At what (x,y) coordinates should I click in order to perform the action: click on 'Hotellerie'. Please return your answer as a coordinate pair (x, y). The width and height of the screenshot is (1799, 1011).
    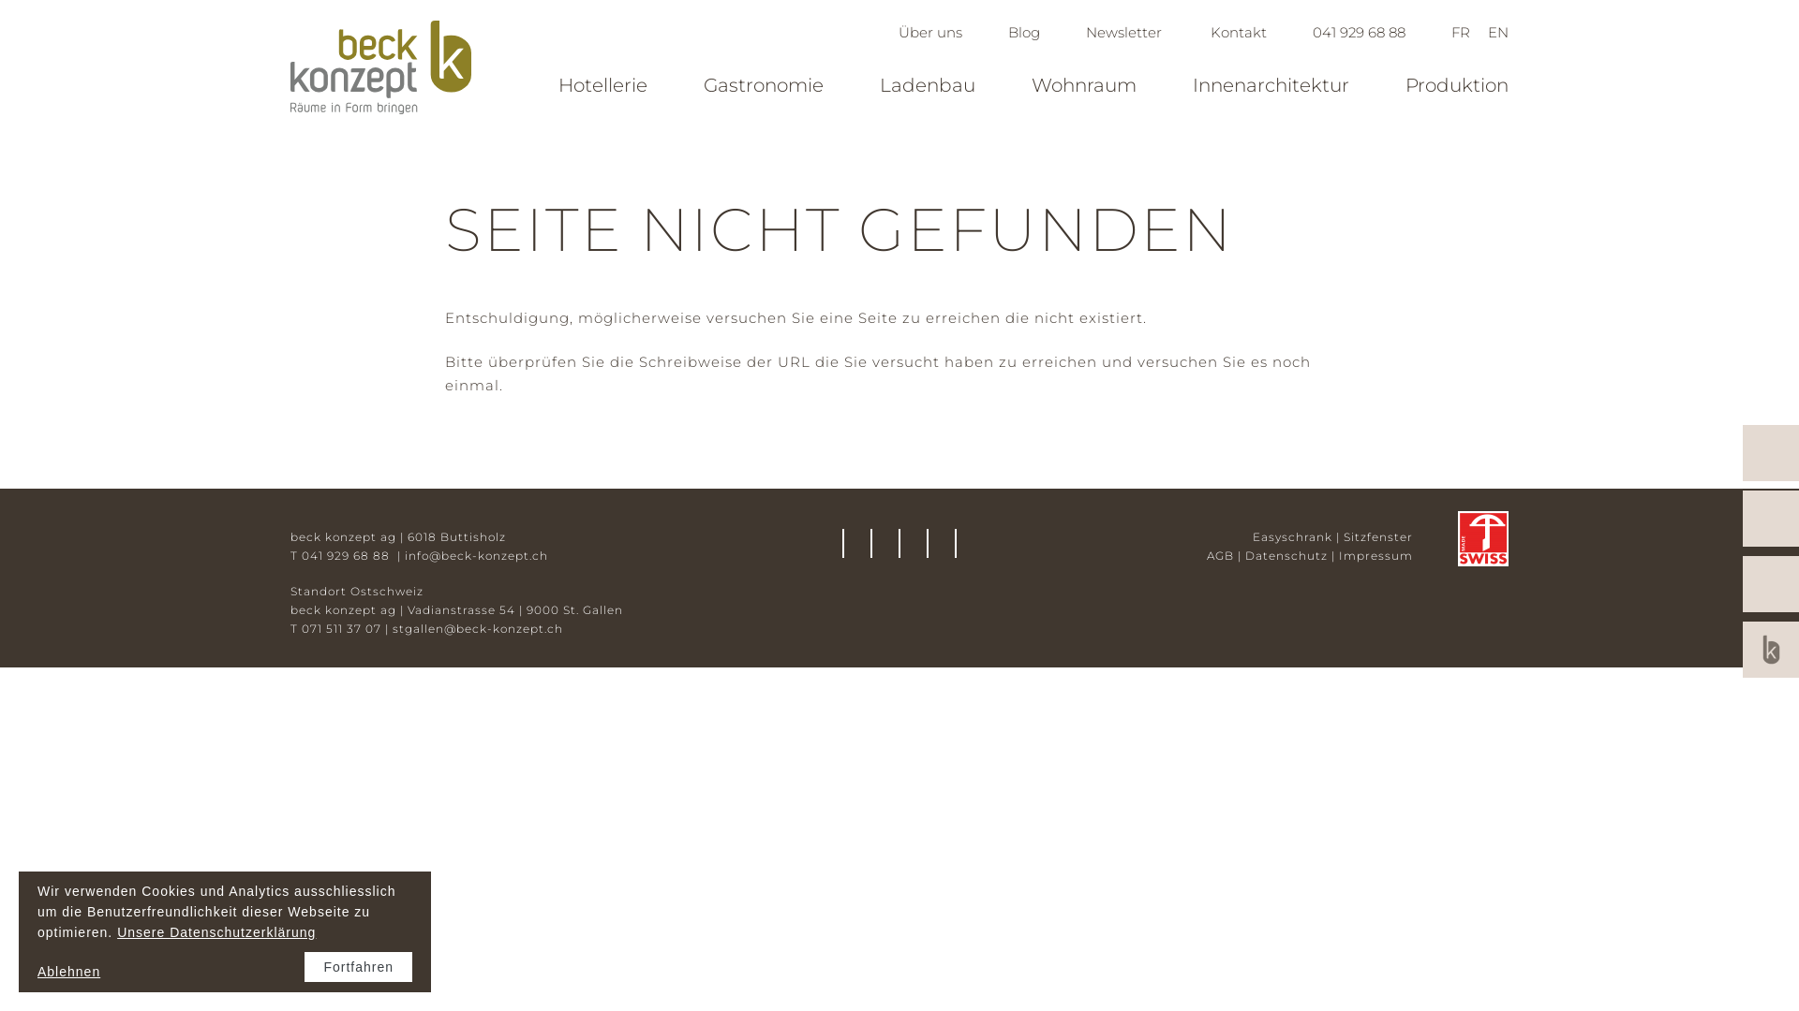
    Looking at the image, I should click on (602, 85).